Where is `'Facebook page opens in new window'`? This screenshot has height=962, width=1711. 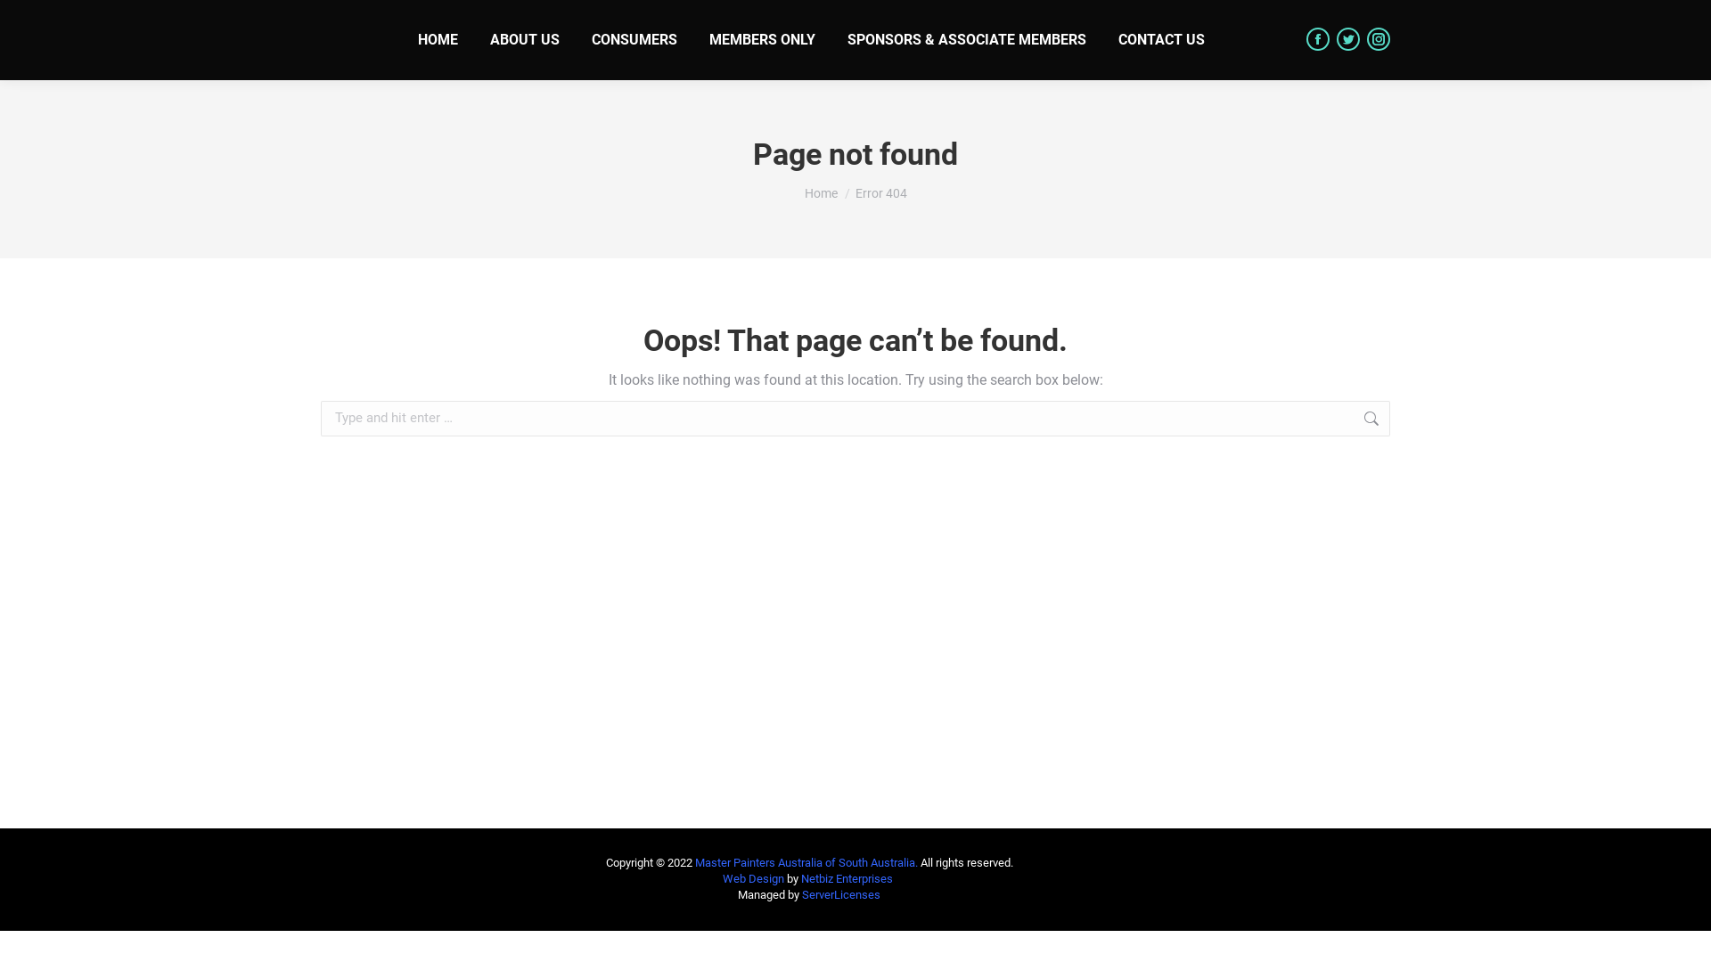
'Facebook page opens in new window' is located at coordinates (1317, 38).